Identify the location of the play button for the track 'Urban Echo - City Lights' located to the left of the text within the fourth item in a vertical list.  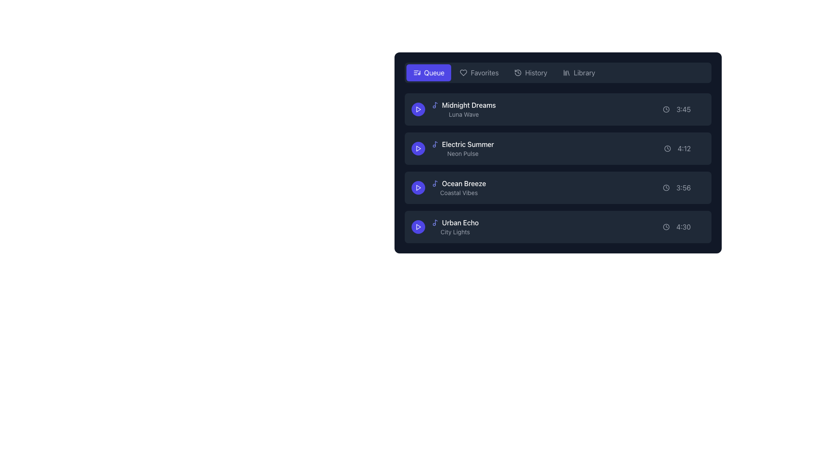
(418, 226).